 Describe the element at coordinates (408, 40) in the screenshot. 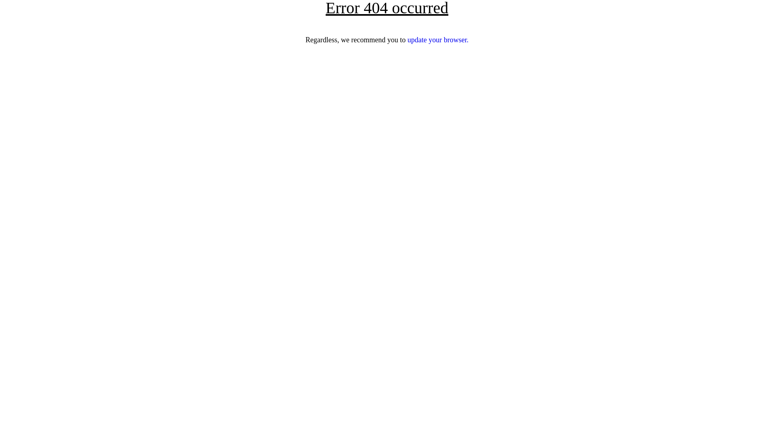

I see `'update your browser.'` at that location.